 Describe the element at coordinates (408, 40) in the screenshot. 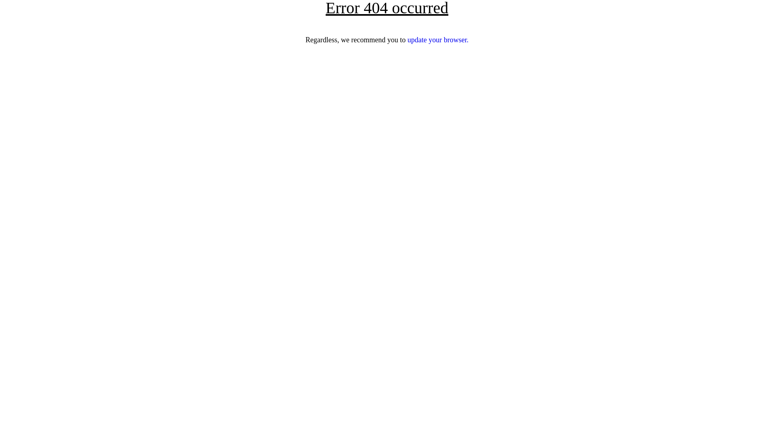

I see `'update your browser.'` at that location.